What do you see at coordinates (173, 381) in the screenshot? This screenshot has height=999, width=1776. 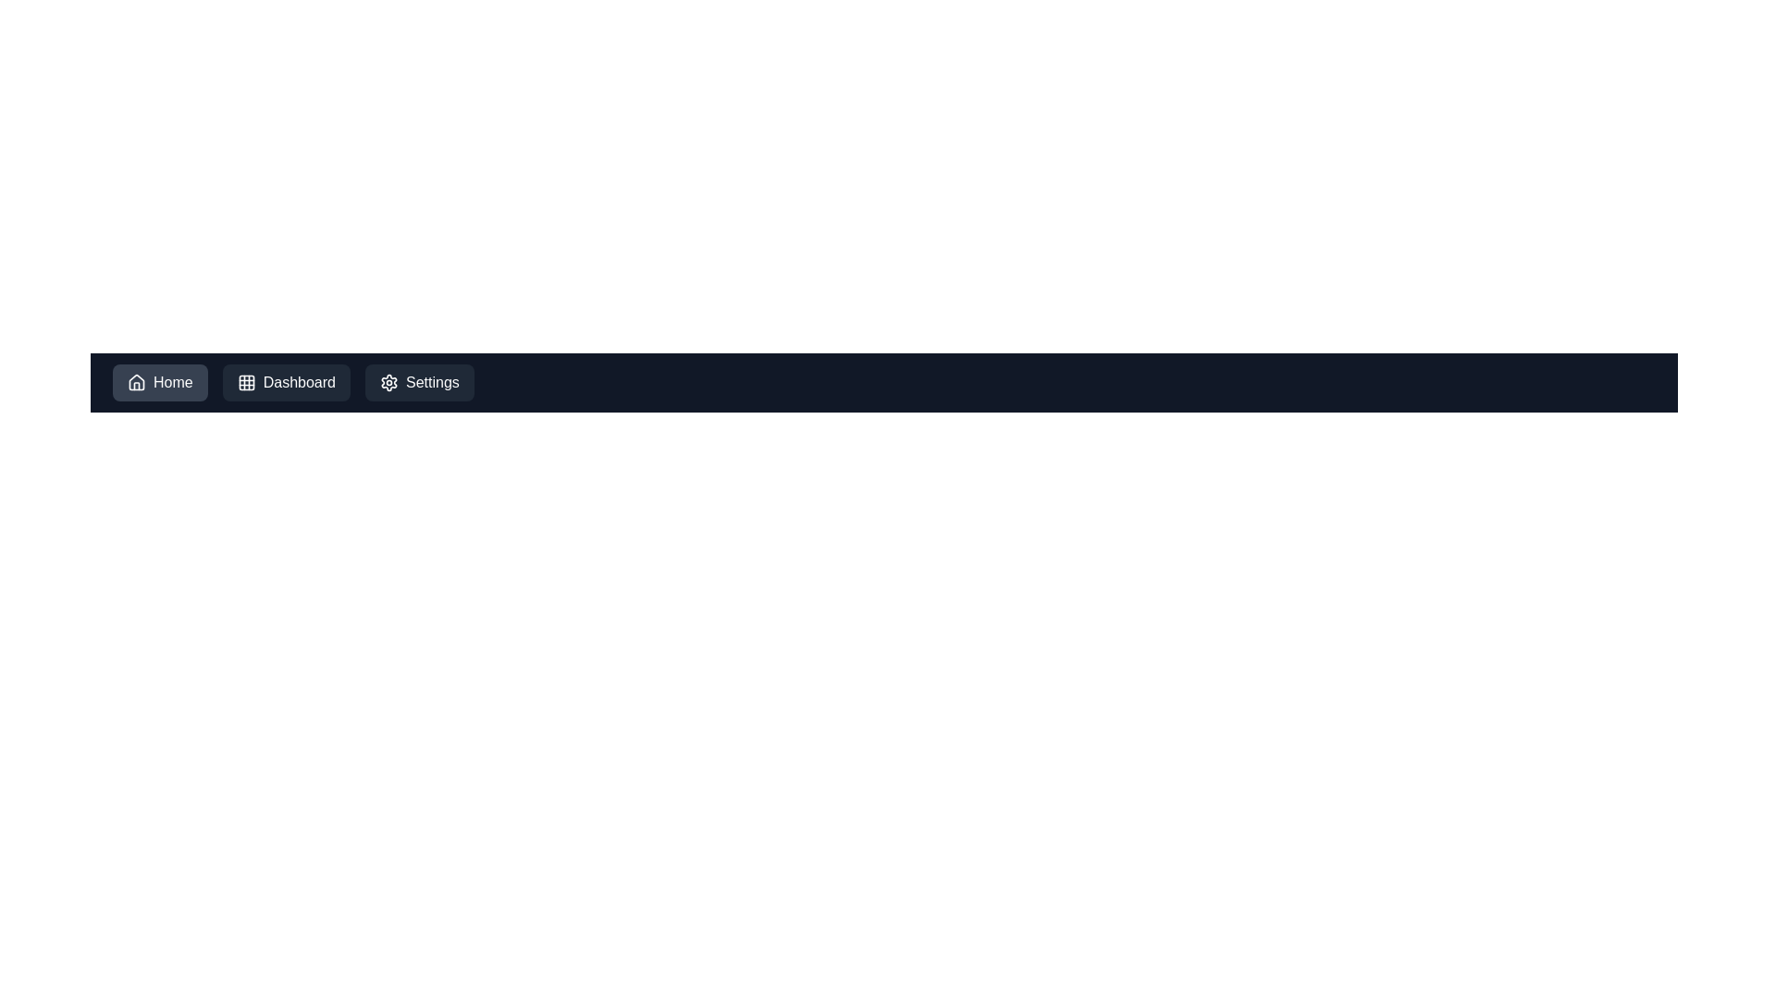 I see `the 'Home' text label, which is displayed in white text with a slightly bolded appearance, located to the right of the house icon in the first button of the horizontal navigation bar` at bounding box center [173, 381].